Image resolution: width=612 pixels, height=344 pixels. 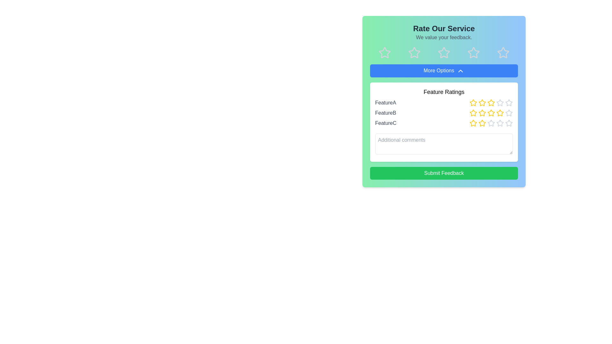 I want to click on the static text element displaying 'We value your feedback.', which is styled in medium gray and positioned below the heading 'Rate Our Service', so click(x=443, y=38).